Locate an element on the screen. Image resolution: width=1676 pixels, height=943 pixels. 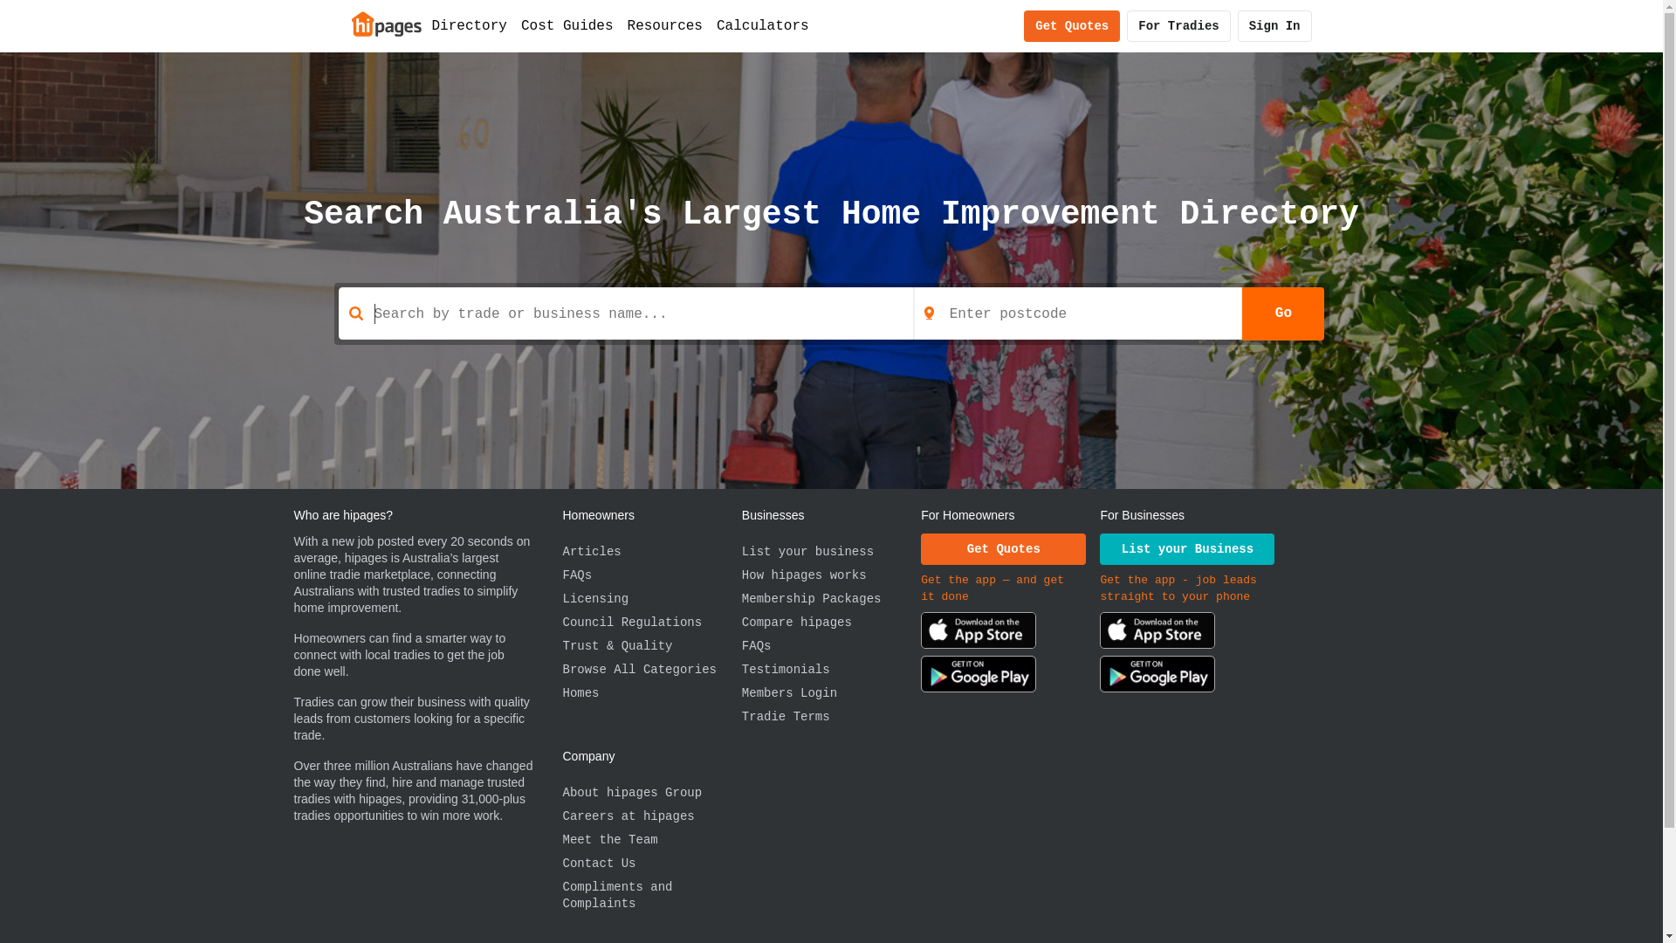
'Download the hipages app on Google Play' is located at coordinates (979, 676).